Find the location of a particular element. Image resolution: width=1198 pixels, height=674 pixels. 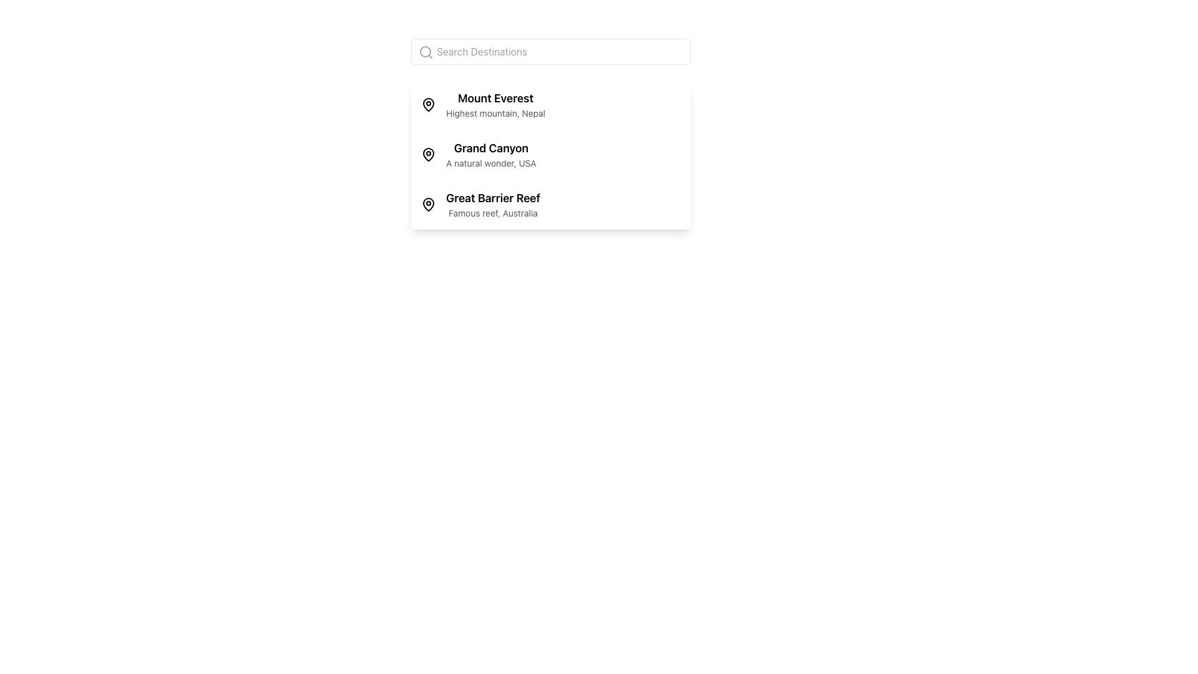

the circular SVG element styled with thin black strokes that is part of the magnifying glass icon located to the left of the 'Search Destinations' input field is located at coordinates (425, 51).